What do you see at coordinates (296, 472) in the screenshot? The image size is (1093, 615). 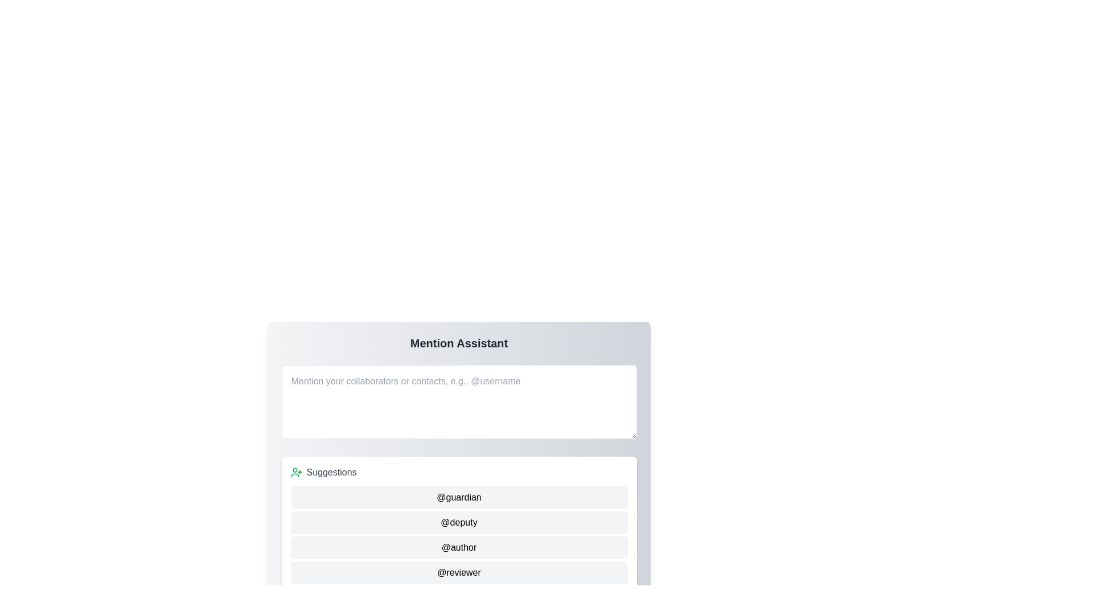 I see `the purpose of the 'user plus' icon located at the start of the horizontal row in the suggestion panel, which is aligned to the left and is situated in the upper-left section` at bounding box center [296, 472].